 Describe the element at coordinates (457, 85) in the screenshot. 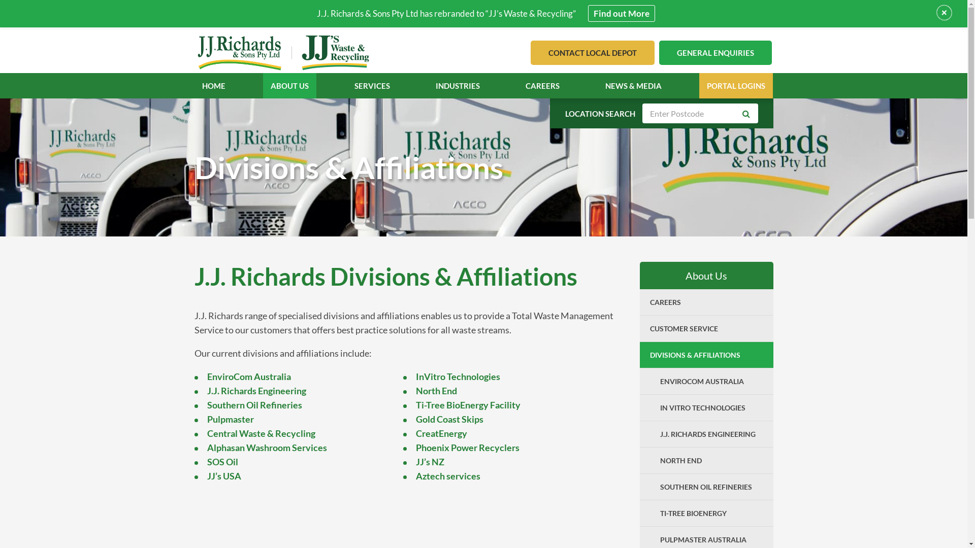

I see `'INDUSTRIES'` at that location.